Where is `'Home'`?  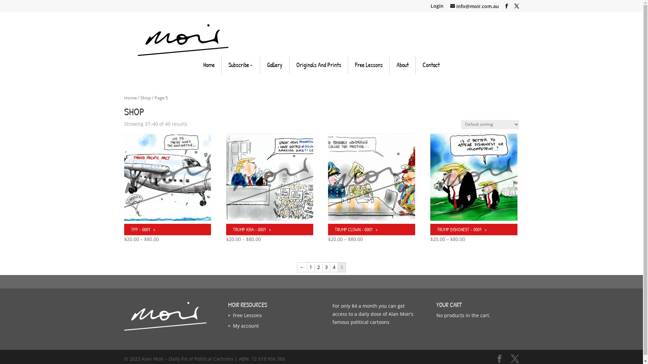 'Home' is located at coordinates (209, 65).